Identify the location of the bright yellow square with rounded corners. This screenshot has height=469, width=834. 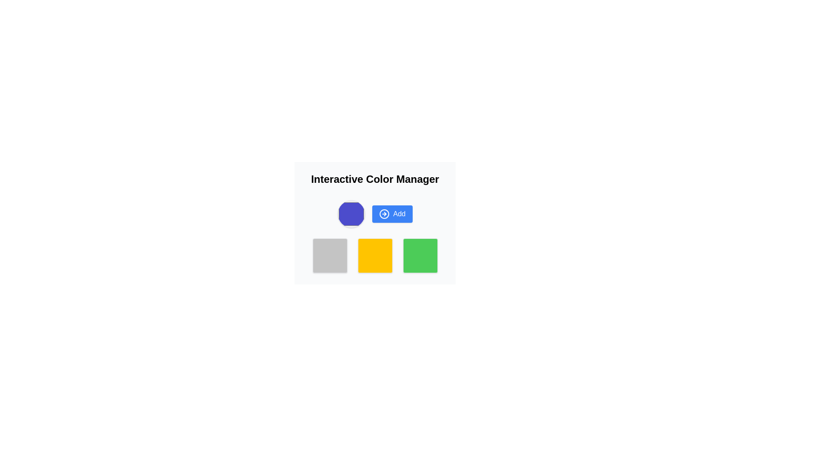
(375, 255).